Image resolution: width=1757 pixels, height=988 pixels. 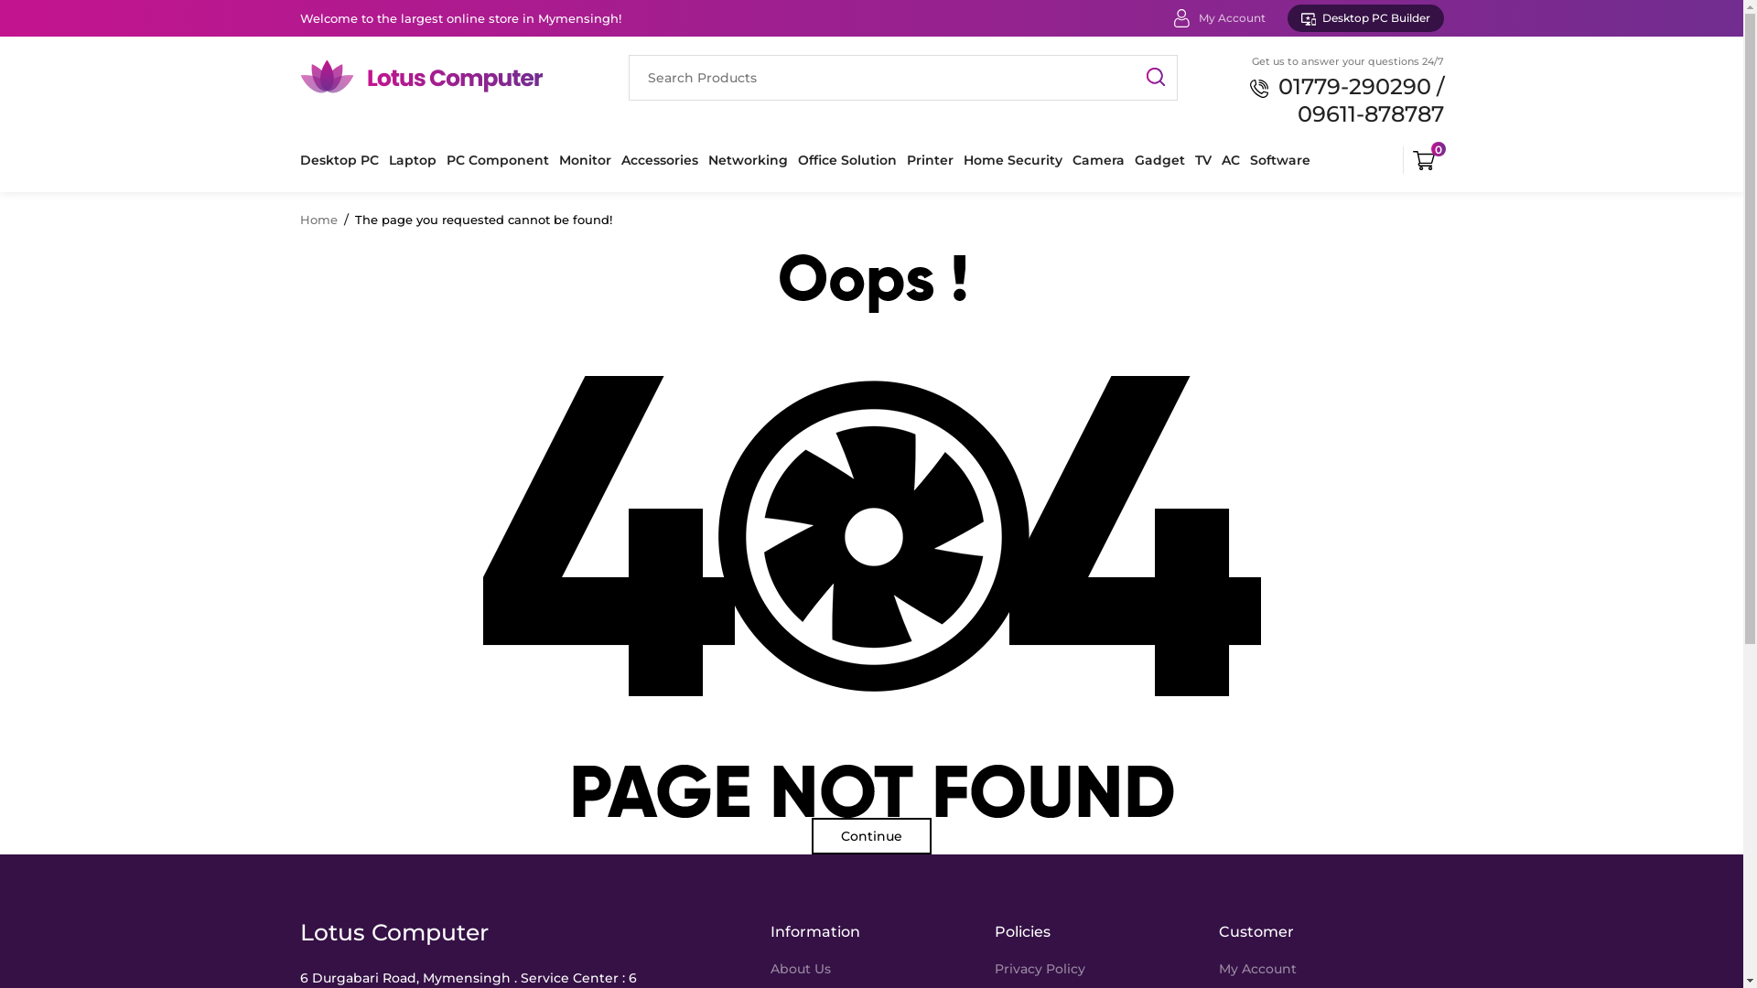 What do you see at coordinates (1098, 158) in the screenshot?
I see `'Camera'` at bounding box center [1098, 158].